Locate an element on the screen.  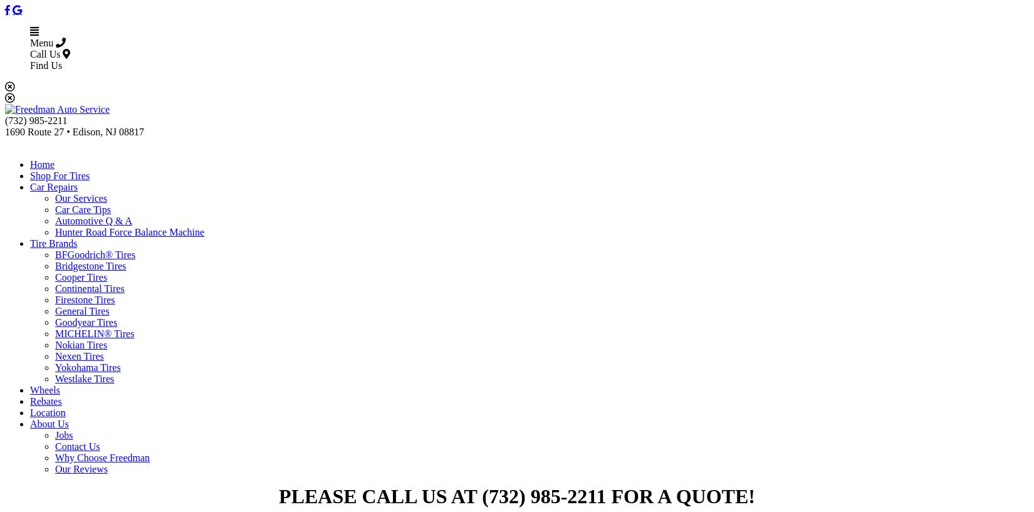
'Our Services' is located at coordinates (81, 198).